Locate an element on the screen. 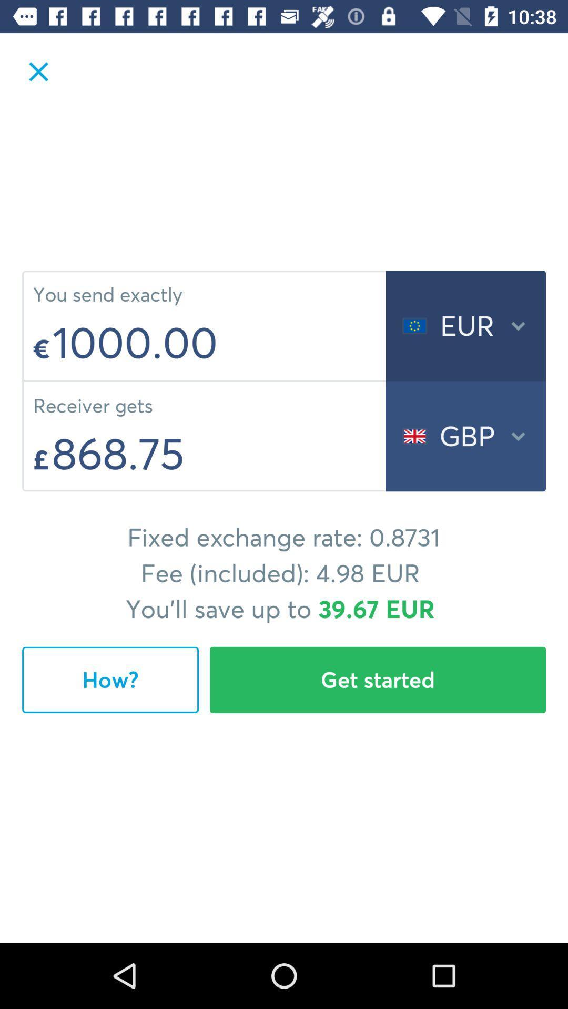 This screenshot has height=1009, width=568. icon at the bottom left corner is located at coordinates (110, 679).